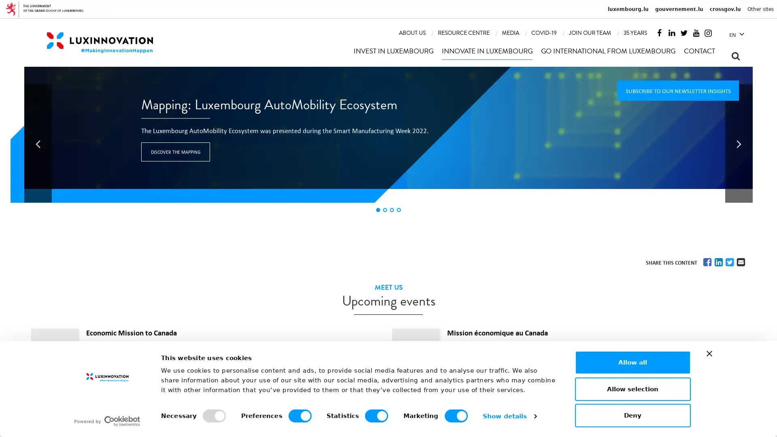 This screenshot has width=777, height=437. What do you see at coordinates (709, 353) in the screenshot?
I see `Close banner` at bounding box center [709, 353].